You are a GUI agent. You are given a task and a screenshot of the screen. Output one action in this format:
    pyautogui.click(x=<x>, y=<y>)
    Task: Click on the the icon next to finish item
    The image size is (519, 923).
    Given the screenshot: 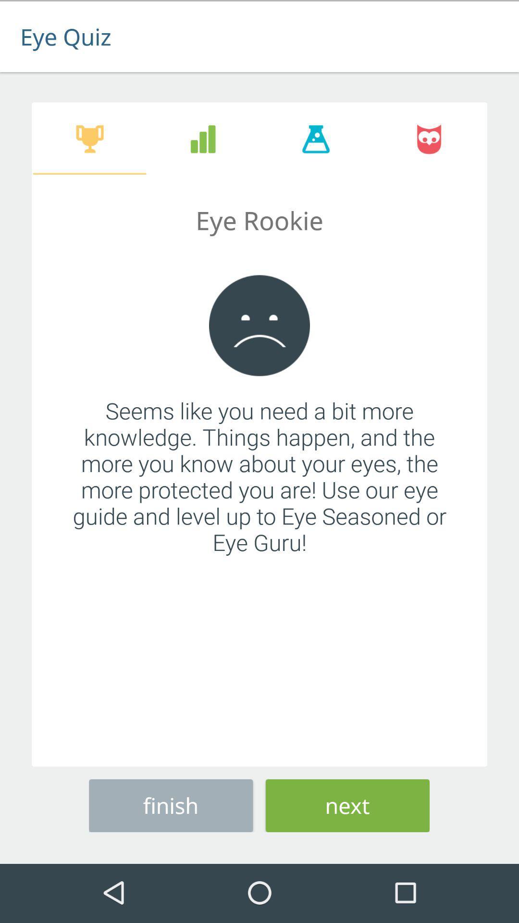 What is the action you would take?
    pyautogui.click(x=347, y=804)
    